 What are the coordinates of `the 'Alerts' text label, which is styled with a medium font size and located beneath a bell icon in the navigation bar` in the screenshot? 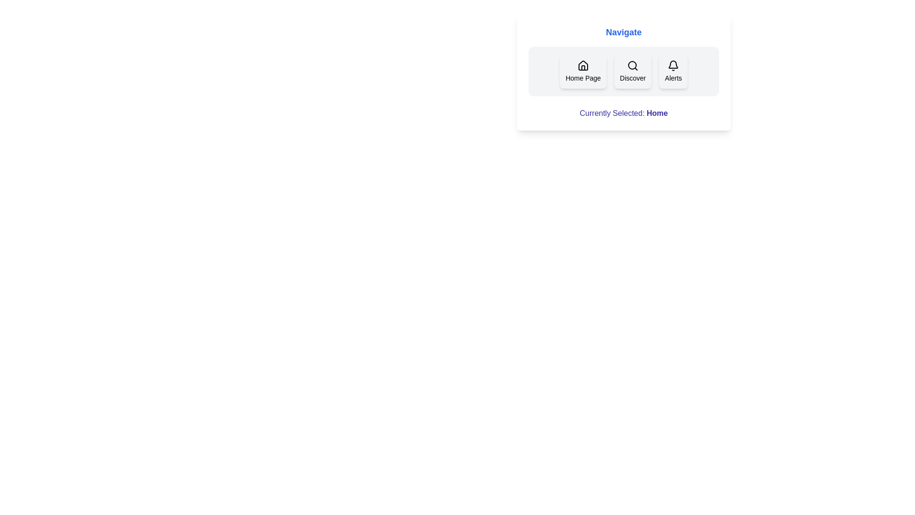 It's located at (673, 78).